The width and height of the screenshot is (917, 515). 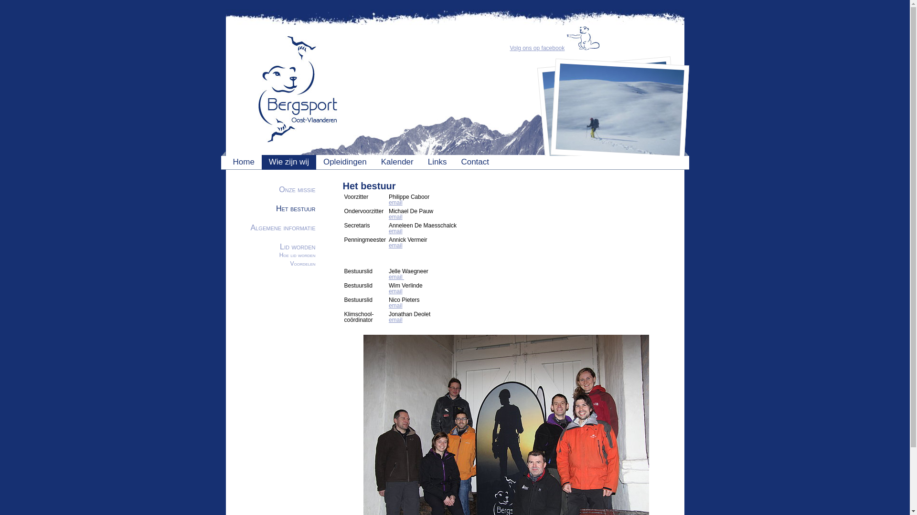 I want to click on 'Hoe lid worden', so click(x=279, y=255).